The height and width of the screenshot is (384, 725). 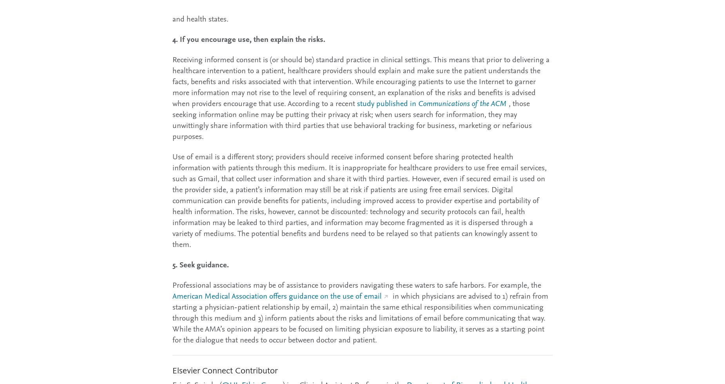 What do you see at coordinates (357, 285) in the screenshot?
I see `'Professional associations may be of assistance to providers navigating these waters to safe harbors. For example, the'` at bounding box center [357, 285].